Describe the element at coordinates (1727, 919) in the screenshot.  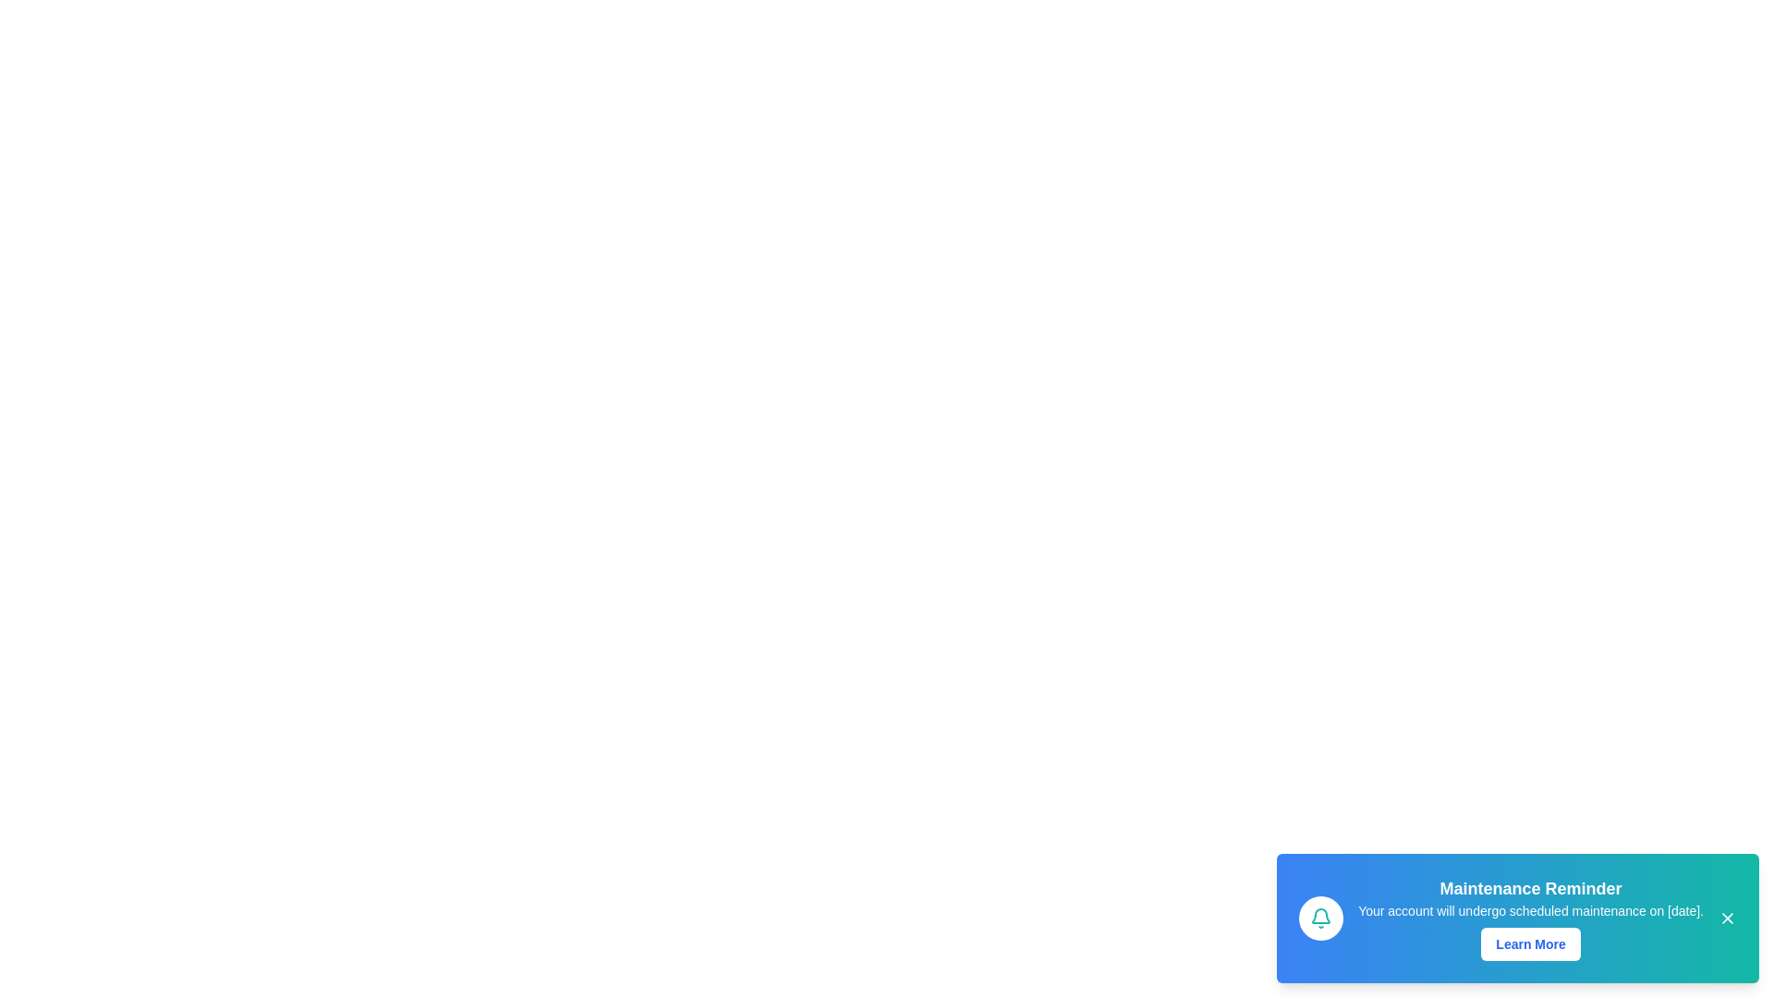
I see `the close button graphical icon located at the bottom right corner of the notification box` at that location.